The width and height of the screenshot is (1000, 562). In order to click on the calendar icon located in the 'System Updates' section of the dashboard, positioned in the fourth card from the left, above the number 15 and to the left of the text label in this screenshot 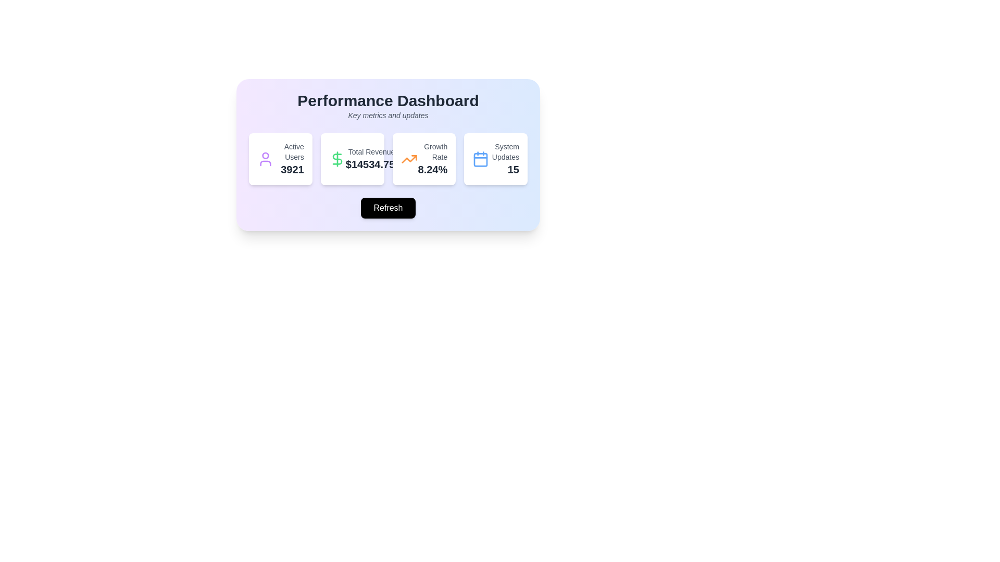, I will do `click(480, 159)`.